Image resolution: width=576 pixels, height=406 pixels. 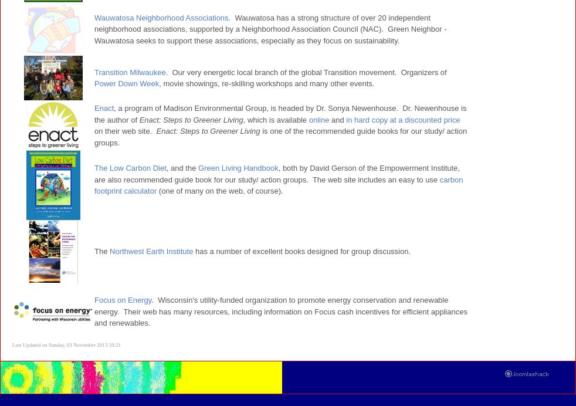 What do you see at coordinates (101, 251) in the screenshot?
I see `'The'` at bounding box center [101, 251].